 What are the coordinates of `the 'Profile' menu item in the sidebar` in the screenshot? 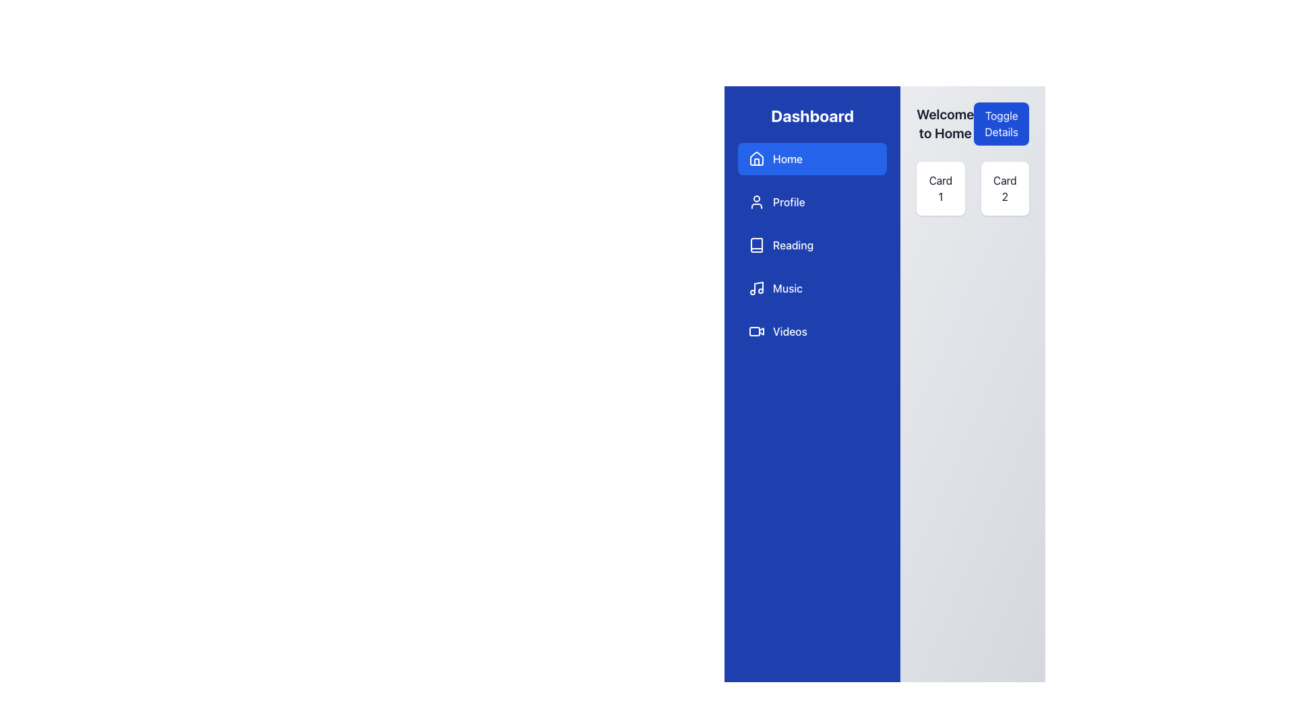 It's located at (811, 202).